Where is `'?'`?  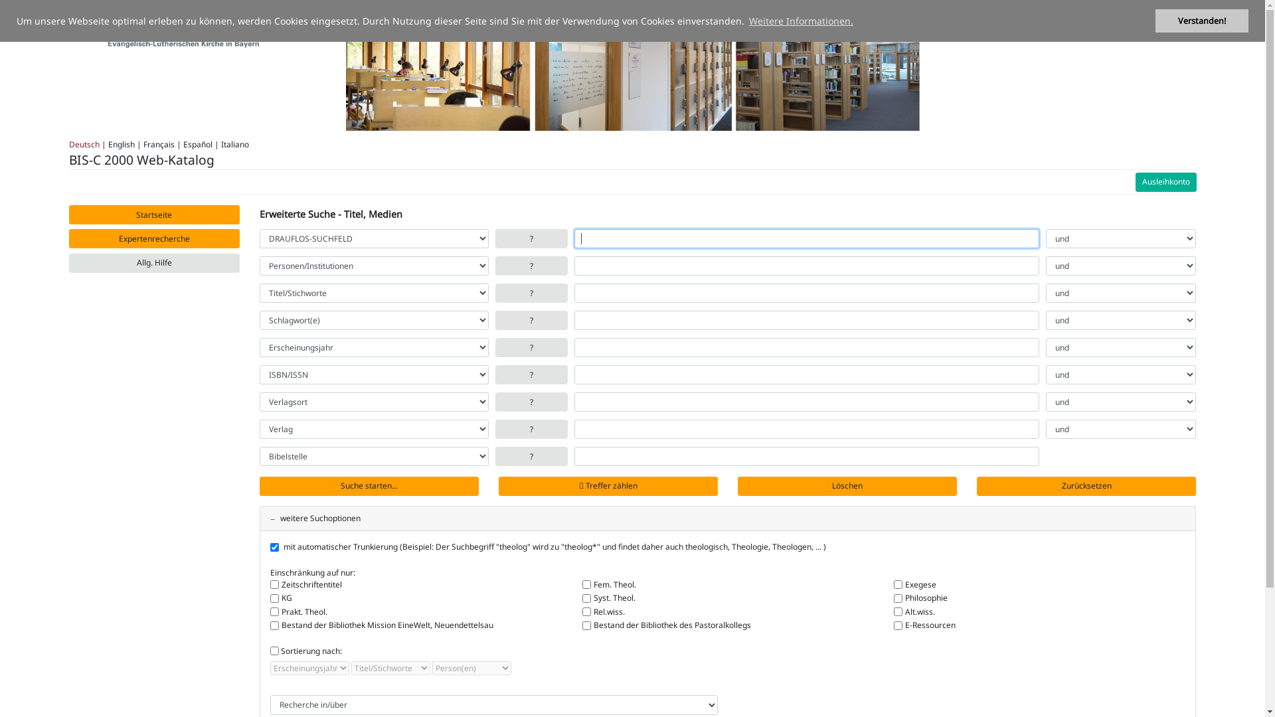
'?' is located at coordinates (494, 238).